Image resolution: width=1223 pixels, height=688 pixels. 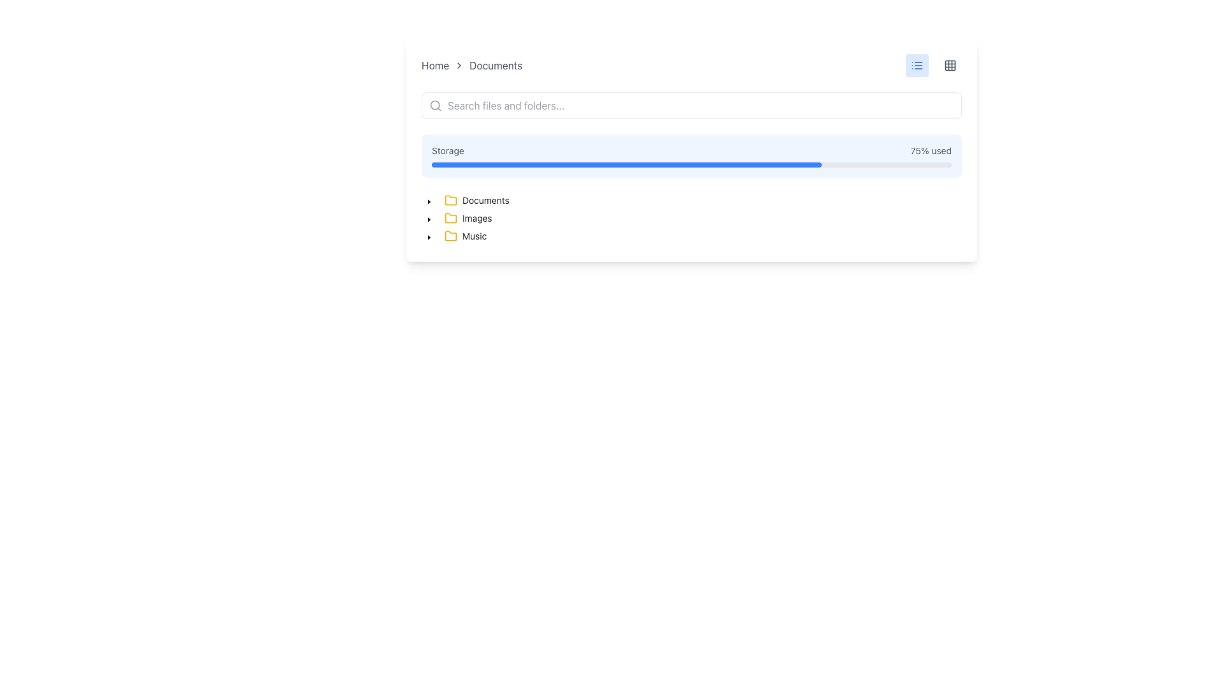 What do you see at coordinates (465, 236) in the screenshot?
I see `the 'Music' folder entry in the file explorer` at bounding box center [465, 236].